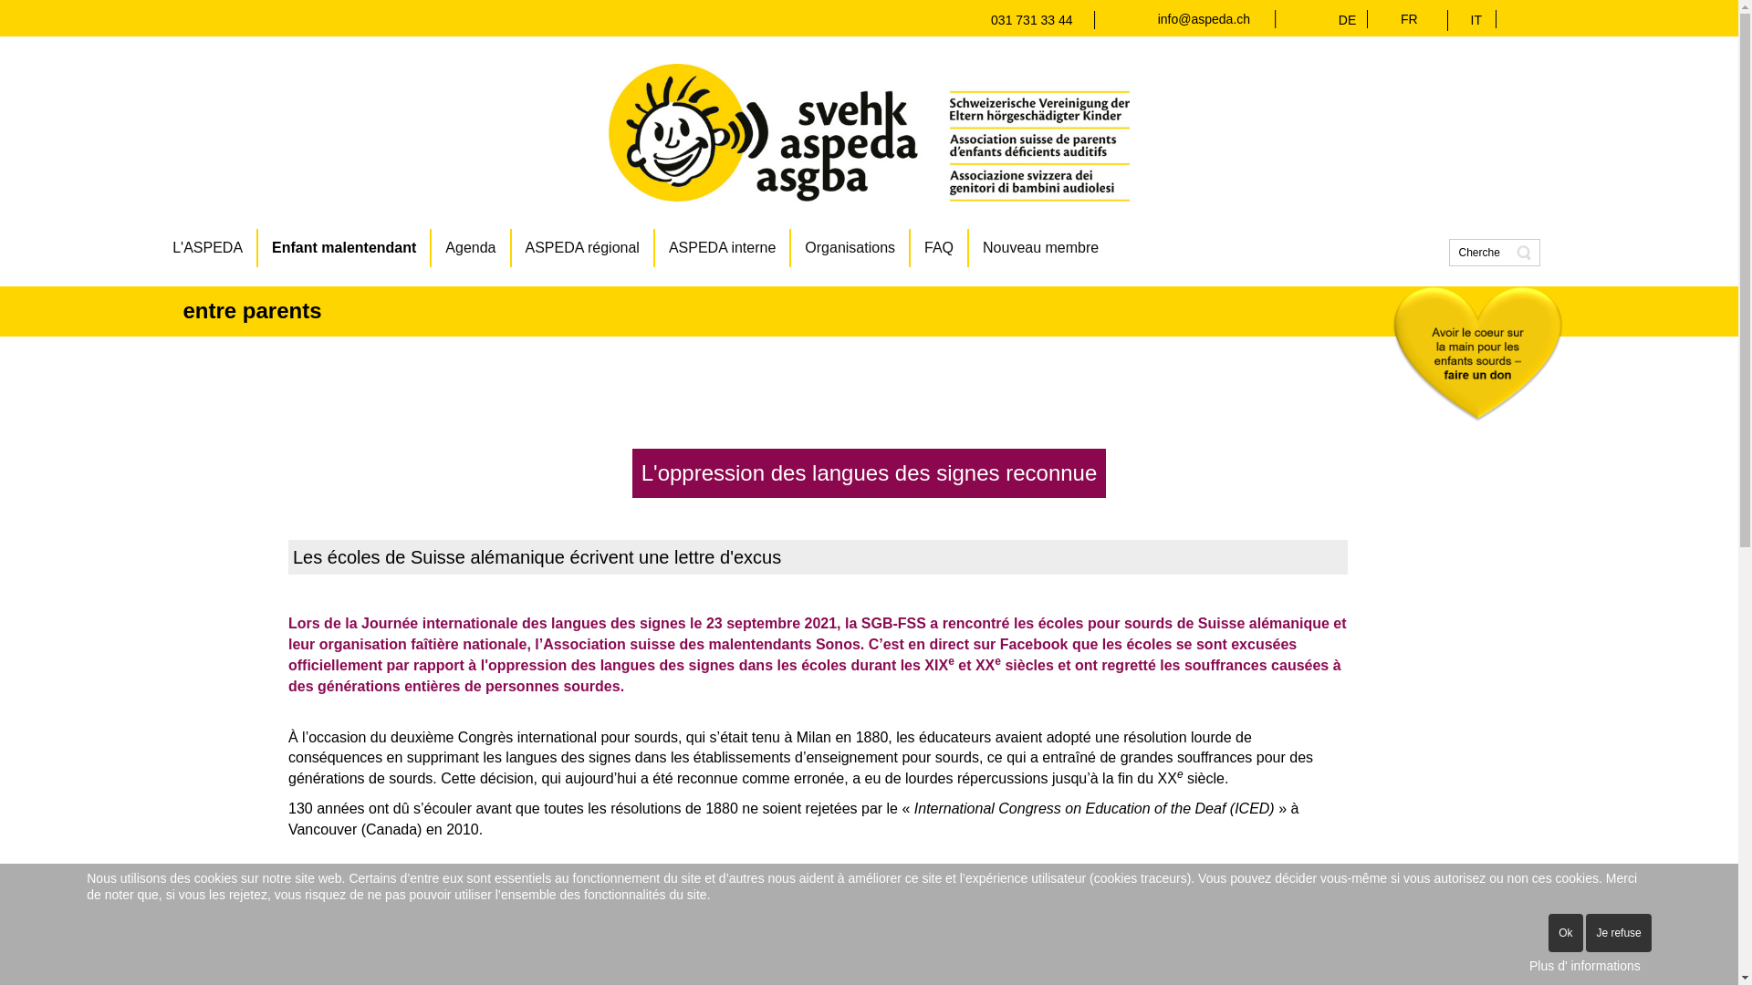  I want to click on 'FR', so click(1400, 18).